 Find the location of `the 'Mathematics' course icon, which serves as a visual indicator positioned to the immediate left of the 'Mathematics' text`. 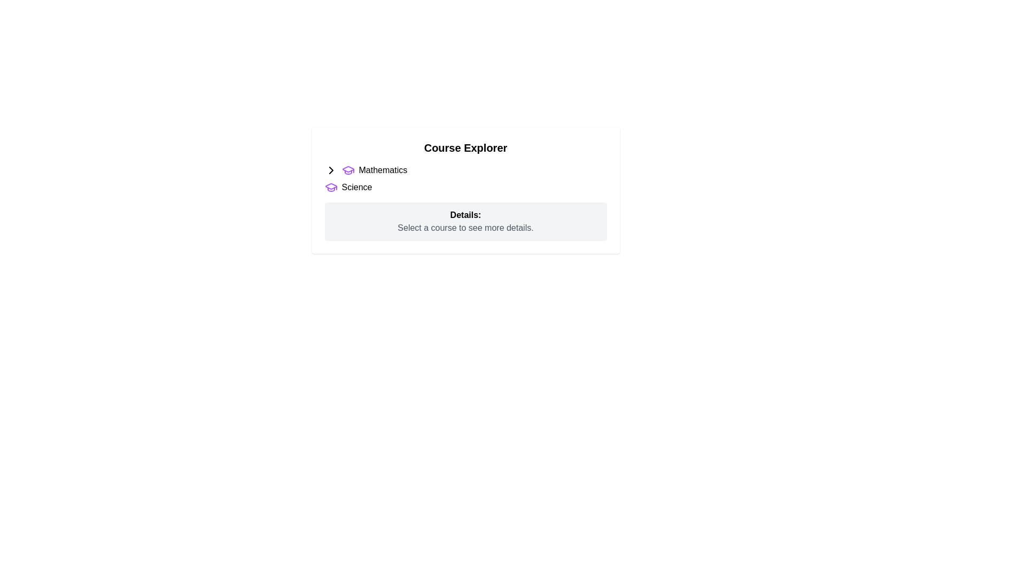

the 'Mathematics' course icon, which serves as a visual indicator positioned to the immediate left of the 'Mathematics' text is located at coordinates (348, 170).